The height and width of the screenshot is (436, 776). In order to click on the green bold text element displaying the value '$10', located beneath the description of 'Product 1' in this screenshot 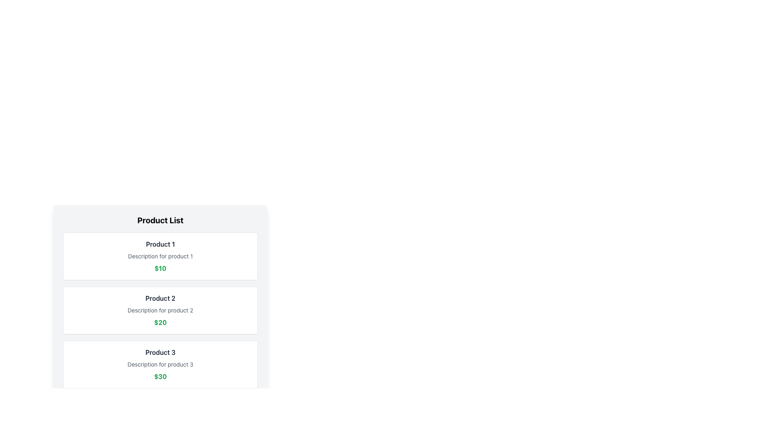, I will do `click(160, 268)`.